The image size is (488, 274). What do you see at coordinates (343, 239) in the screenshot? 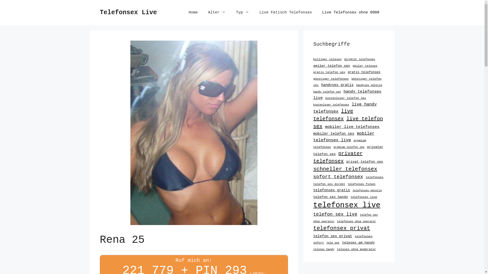
I see `'telefonsex sofort'` at bounding box center [343, 239].